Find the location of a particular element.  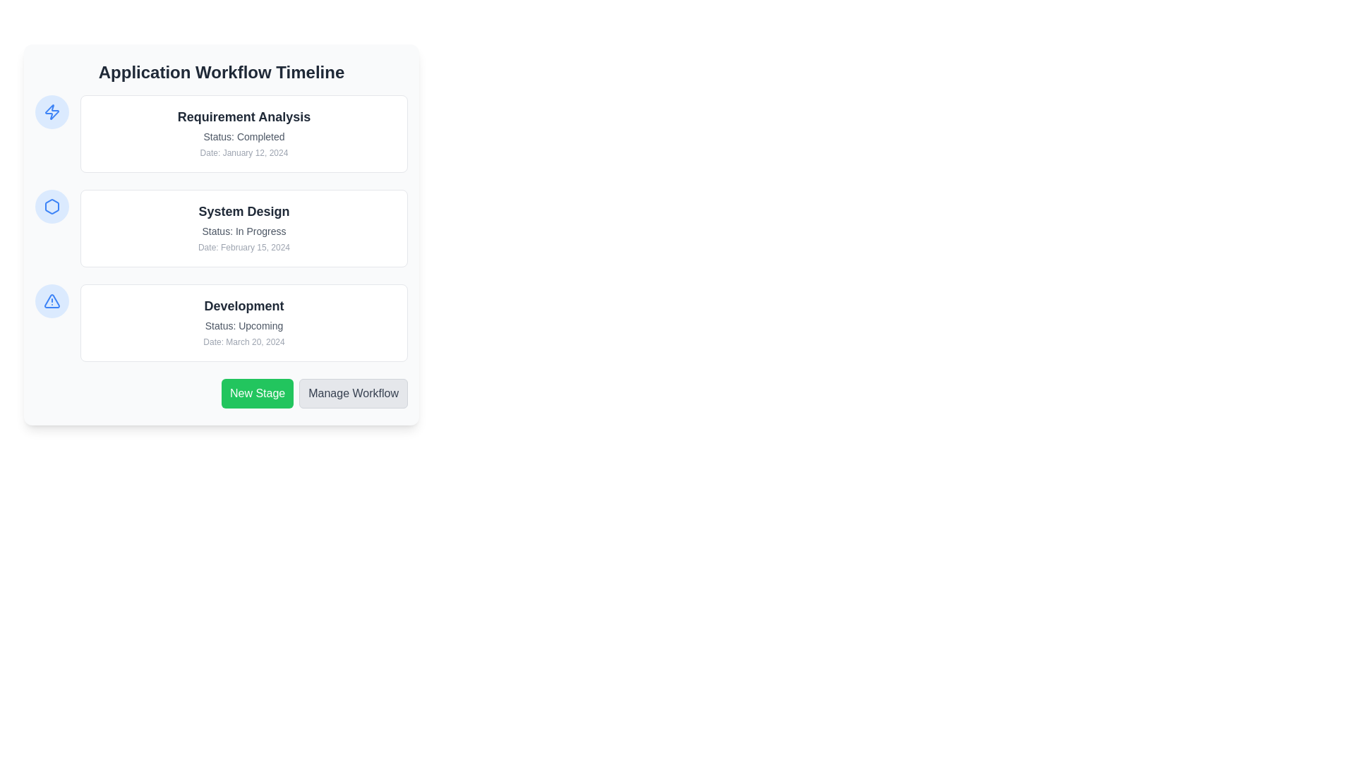

the warning symbol represented by a circular blue icon with a triangular warning symbol and an exclamation mark, located to the left of the 'Development' section in the workflow timeline is located at coordinates (52, 301).